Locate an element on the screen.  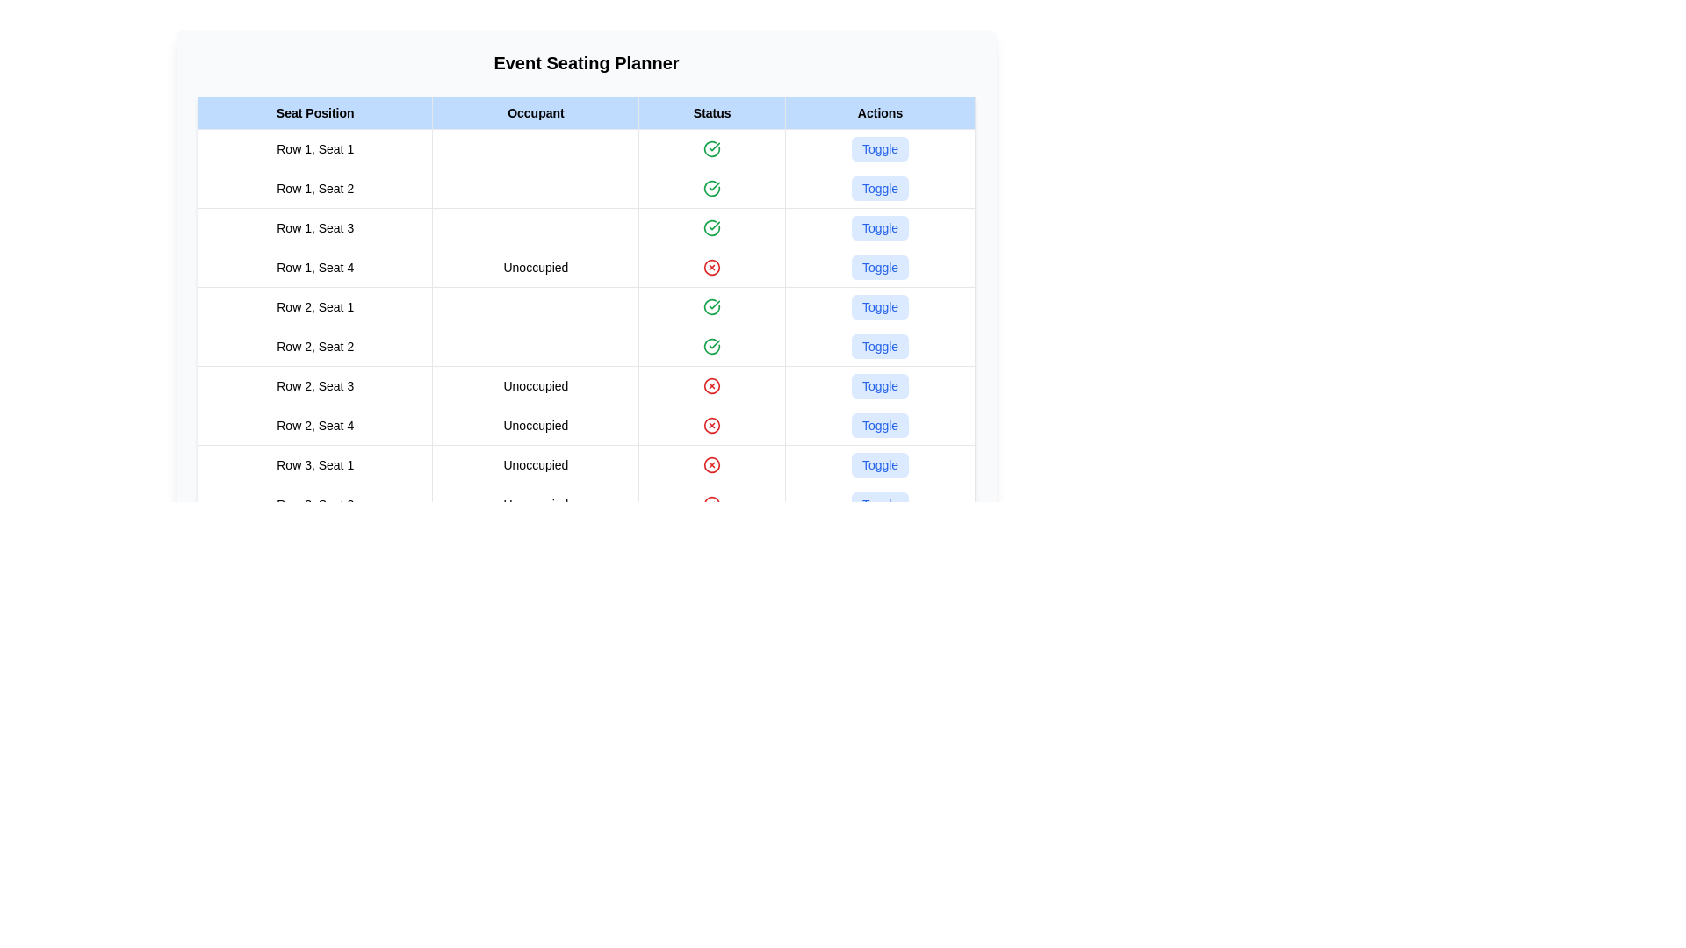
the third button in the 'Actions' column of the table is located at coordinates (880, 189).